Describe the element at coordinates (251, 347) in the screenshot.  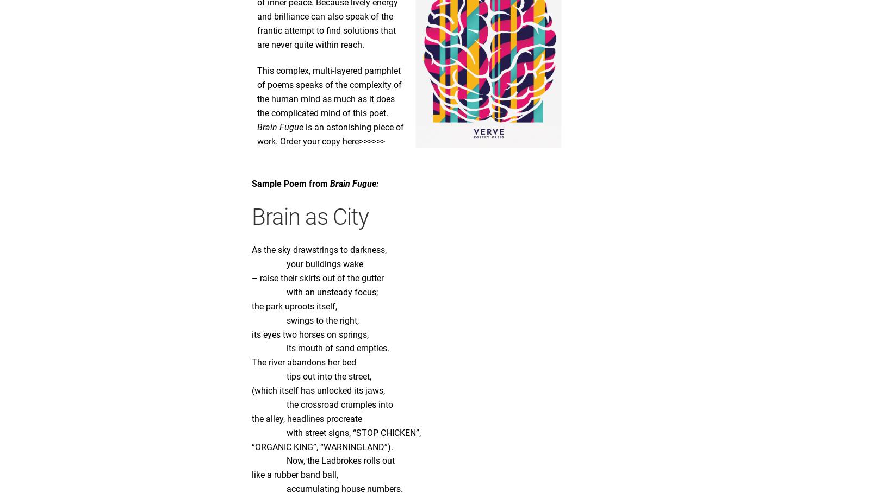
I see `'its mouth of sand empties.'` at that location.